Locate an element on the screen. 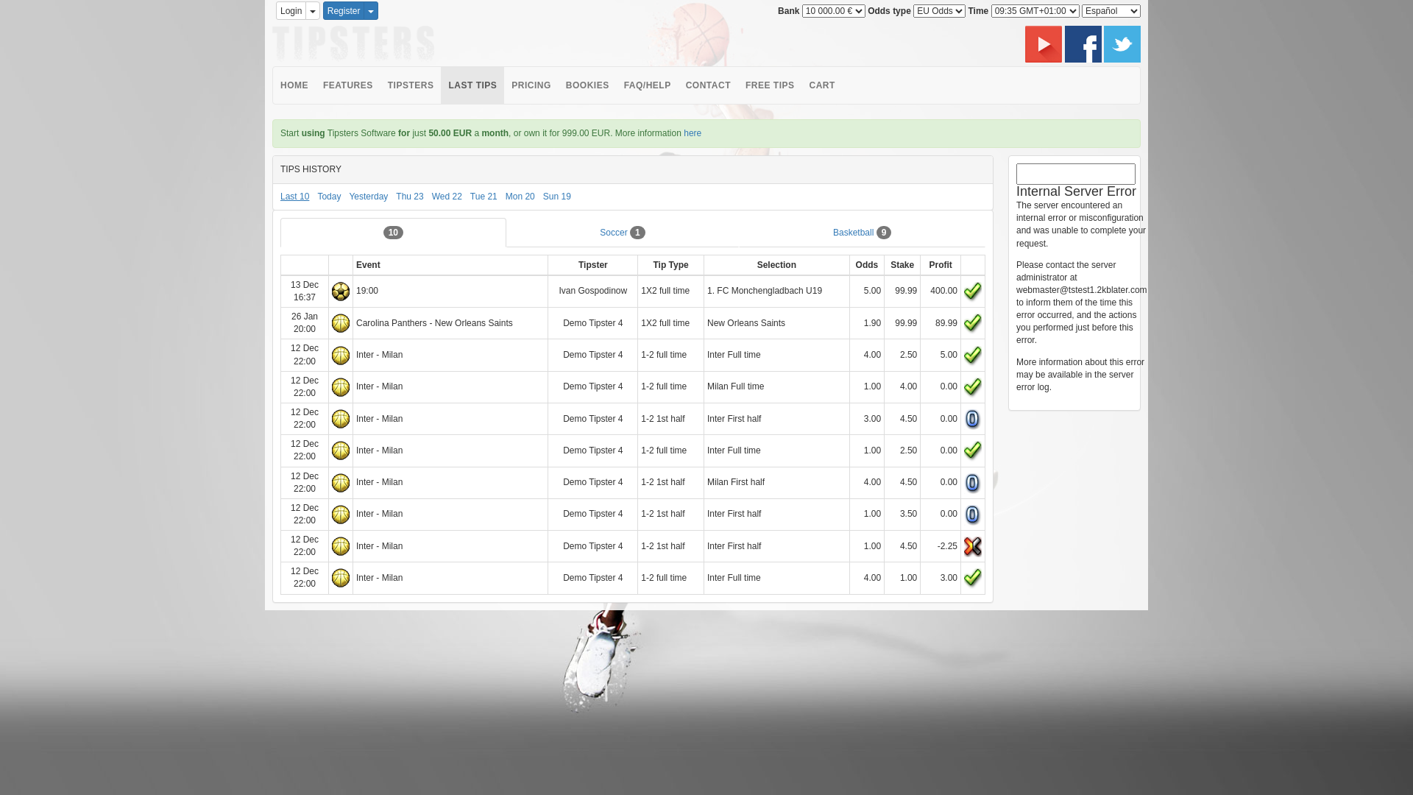 This screenshot has height=795, width=1413. 'FAQ/HELP' is located at coordinates (647, 85).